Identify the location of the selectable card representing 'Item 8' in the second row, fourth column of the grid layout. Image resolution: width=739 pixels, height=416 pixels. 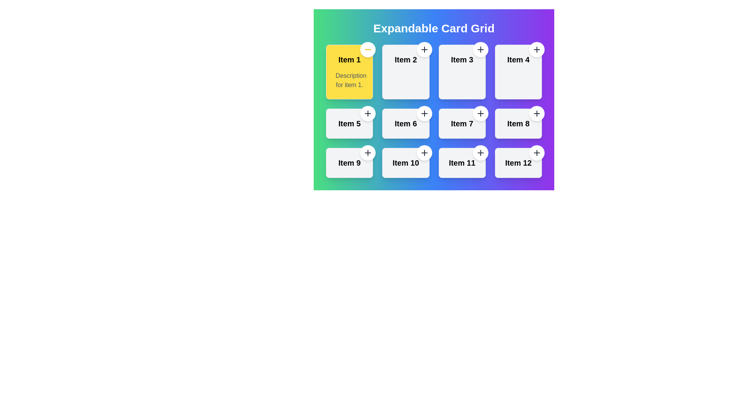
(518, 123).